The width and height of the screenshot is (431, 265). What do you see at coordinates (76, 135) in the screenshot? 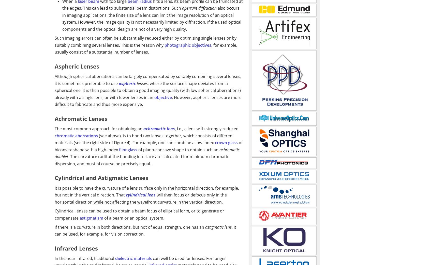
I see `'chromatic aberrations'` at bounding box center [76, 135].